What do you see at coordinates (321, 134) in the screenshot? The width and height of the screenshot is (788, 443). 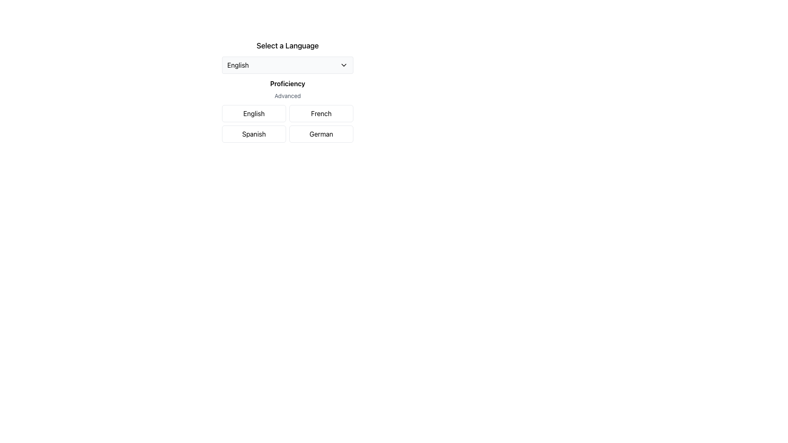 I see `the rectangular button with rounded corners labeled 'German'` at bounding box center [321, 134].